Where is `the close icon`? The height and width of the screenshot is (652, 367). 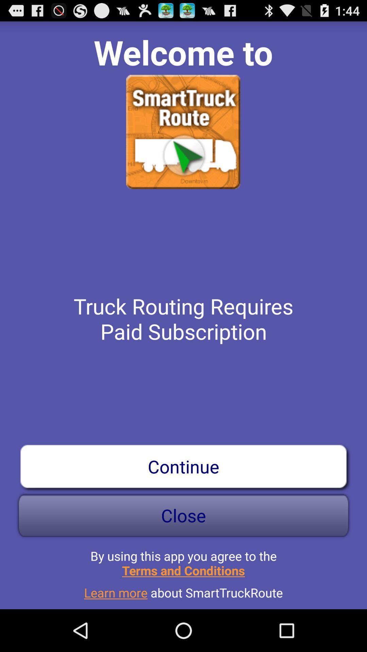
the close icon is located at coordinates (183, 515).